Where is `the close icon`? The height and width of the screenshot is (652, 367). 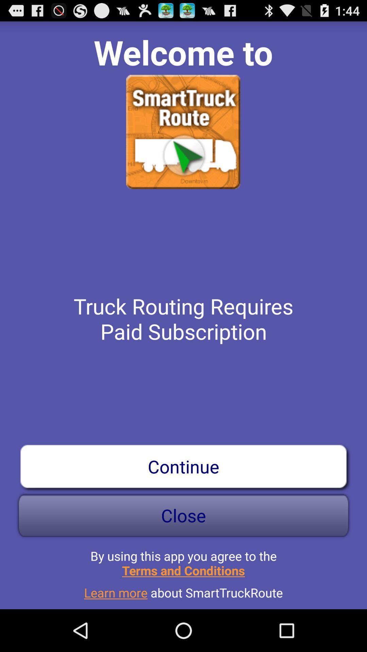
the close icon is located at coordinates (183, 515).